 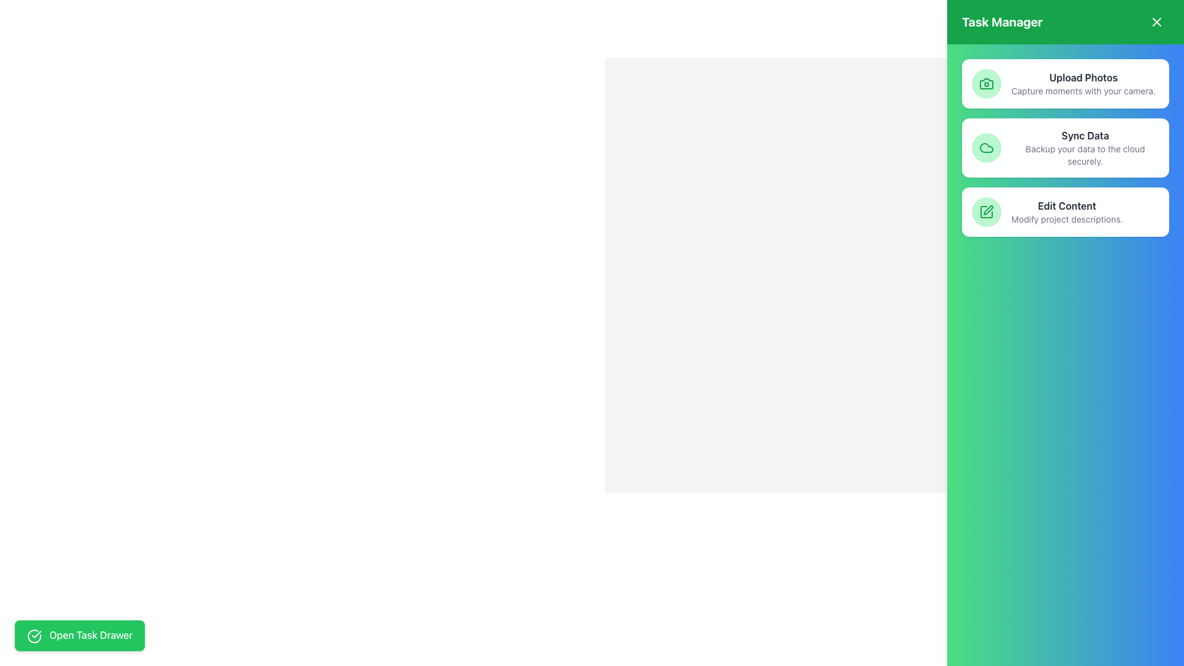 I want to click on the Text Label that serves as the title for the 'Upload Photos' card in the Task Manager panel, so click(x=1083, y=78).